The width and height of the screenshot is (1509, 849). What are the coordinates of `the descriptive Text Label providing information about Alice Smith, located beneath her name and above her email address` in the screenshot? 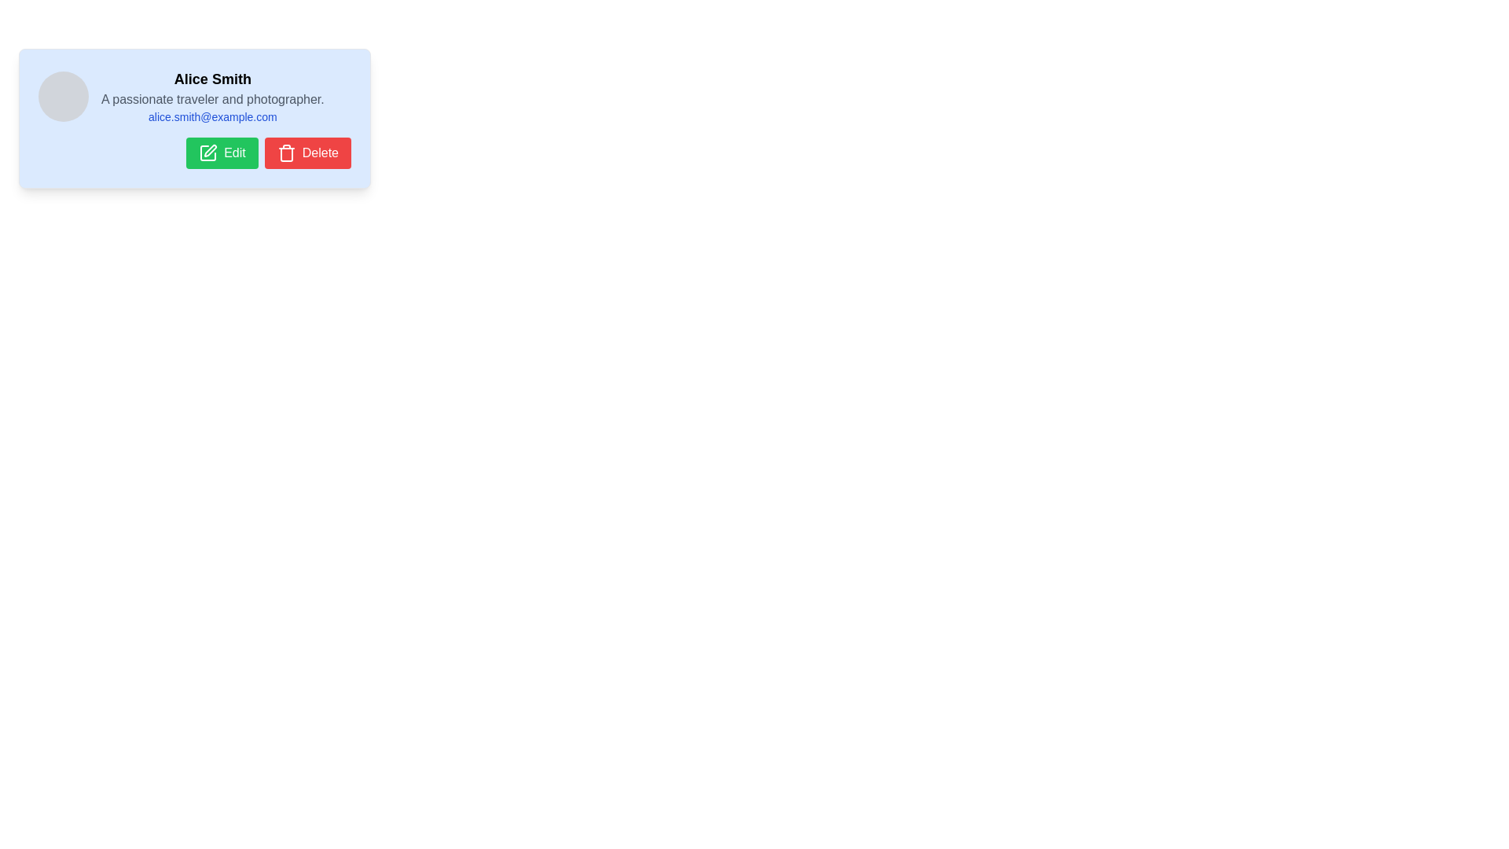 It's located at (211, 100).